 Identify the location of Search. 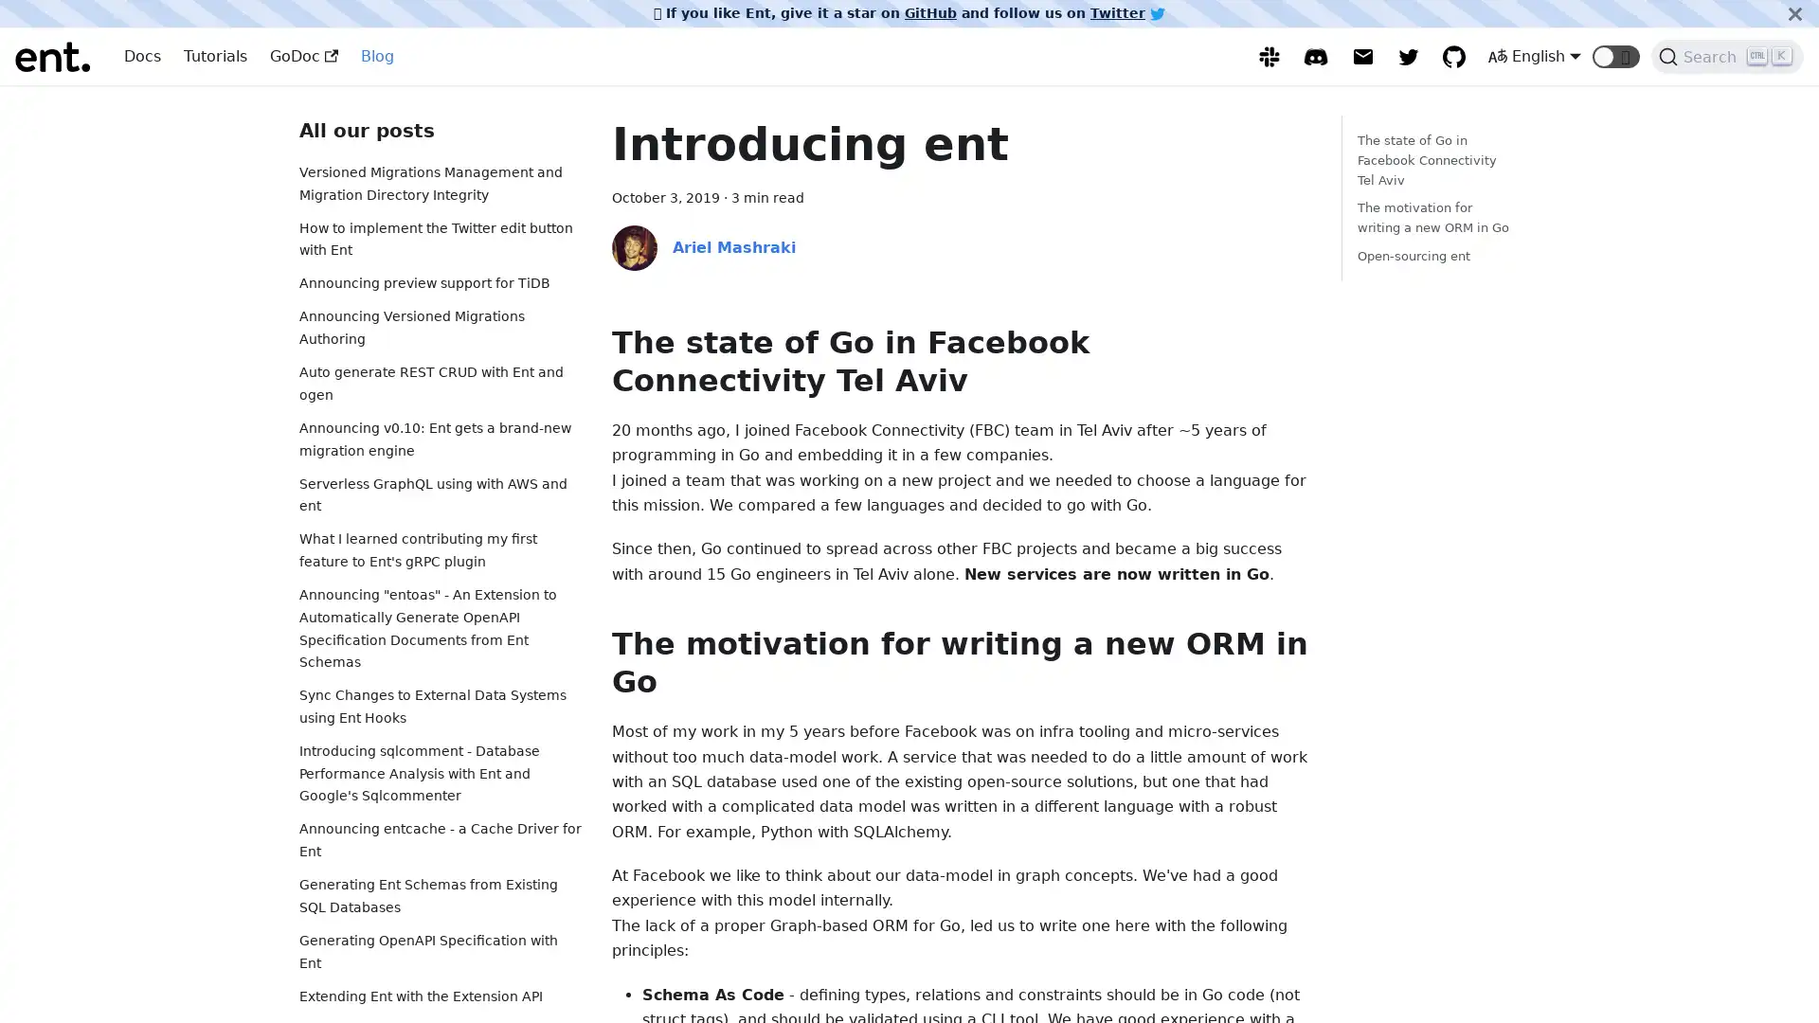
(1727, 56).